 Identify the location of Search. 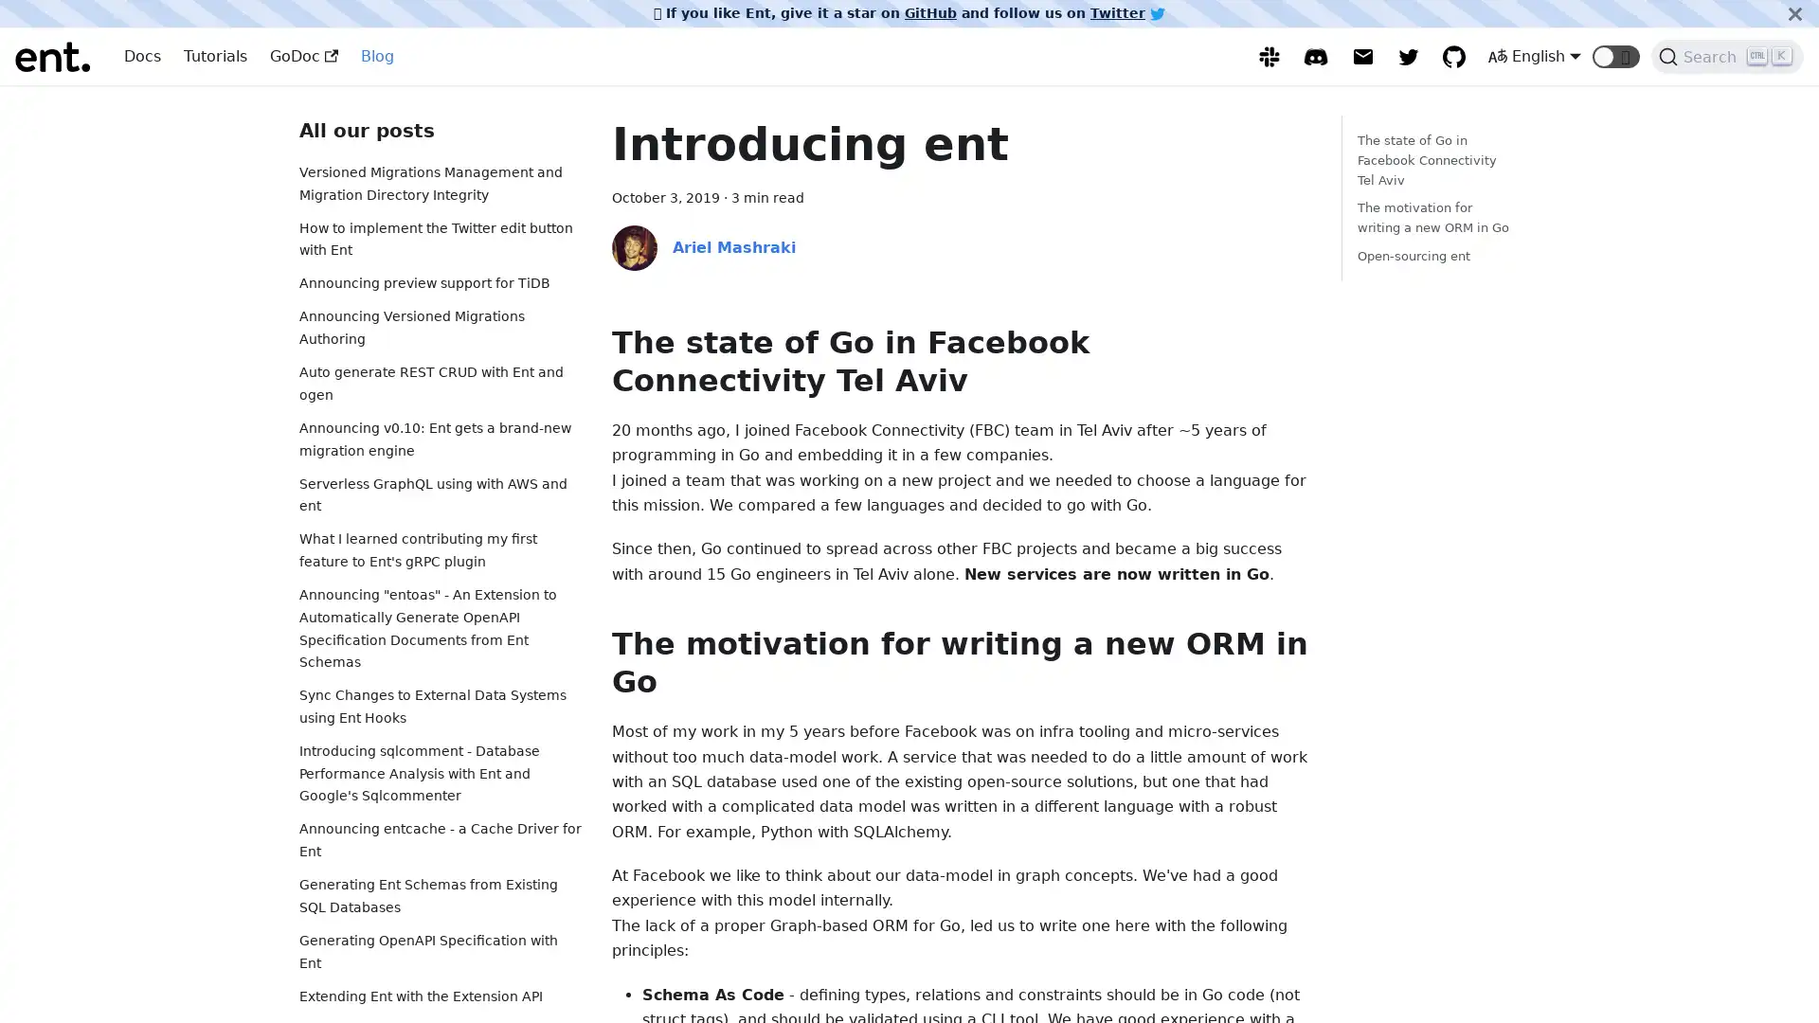
(1727, 56).